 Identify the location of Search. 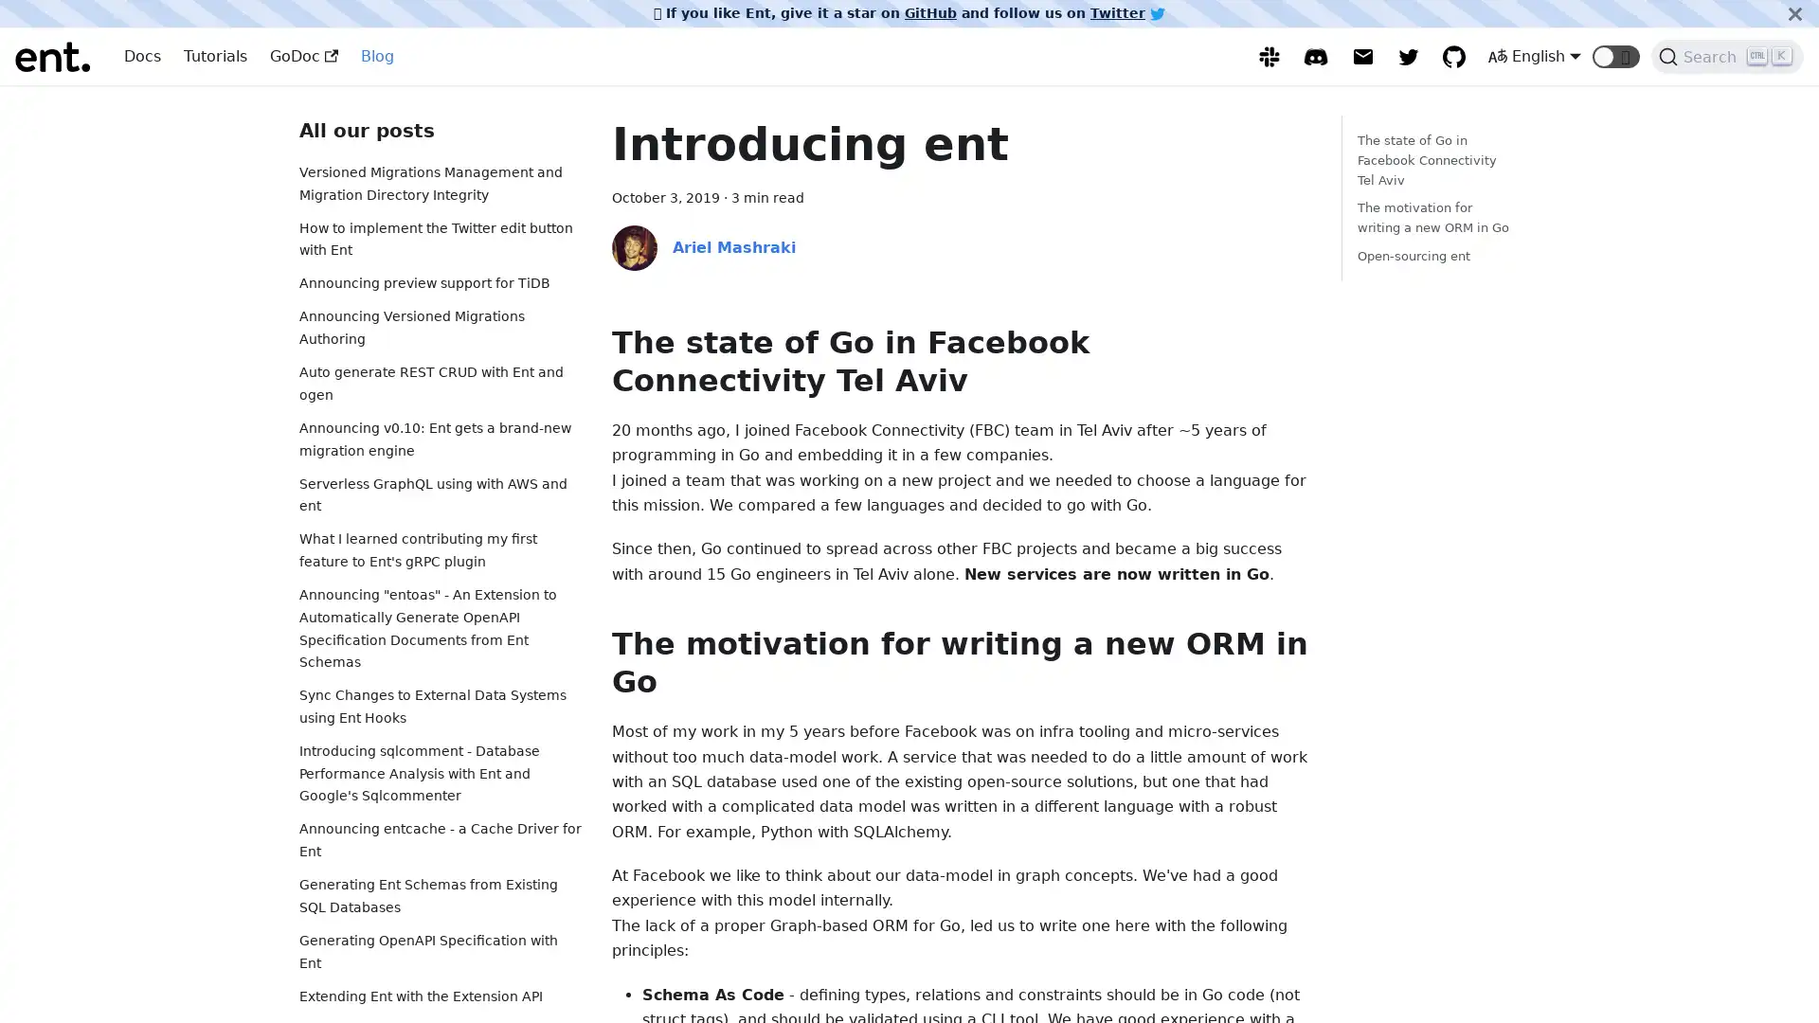
(1727, 56).